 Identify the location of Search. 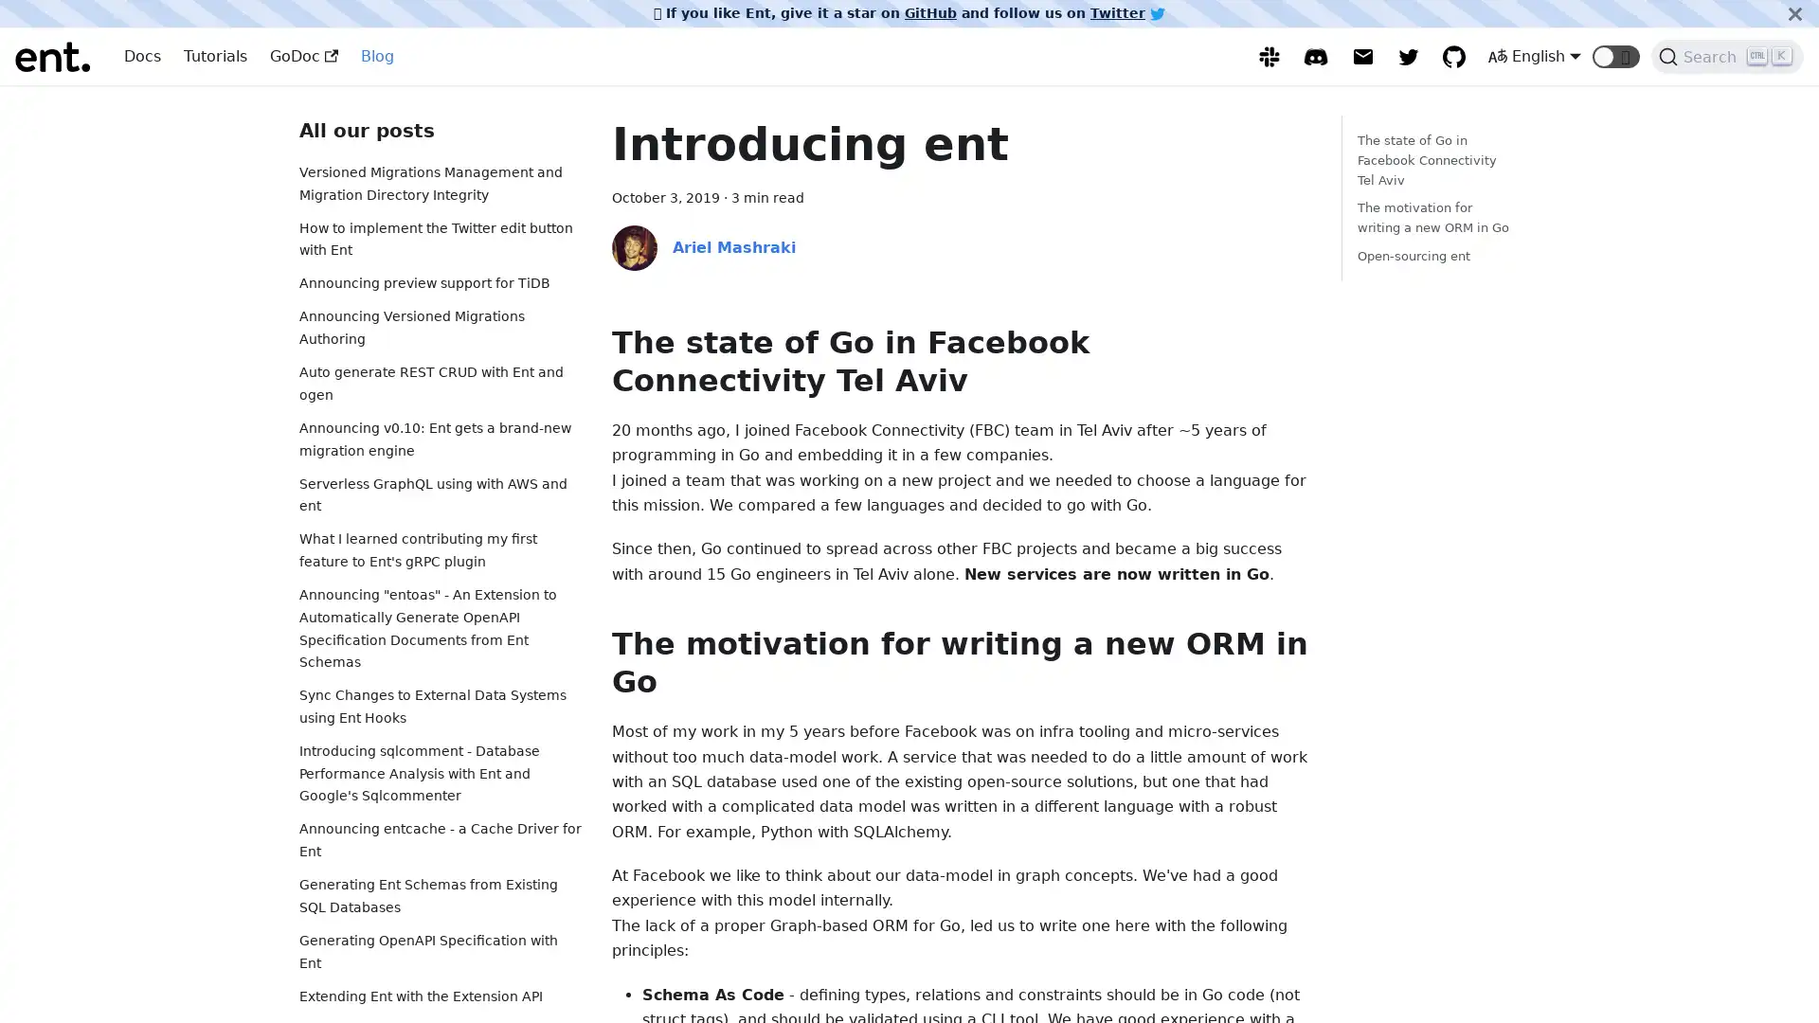
(1727, 56).